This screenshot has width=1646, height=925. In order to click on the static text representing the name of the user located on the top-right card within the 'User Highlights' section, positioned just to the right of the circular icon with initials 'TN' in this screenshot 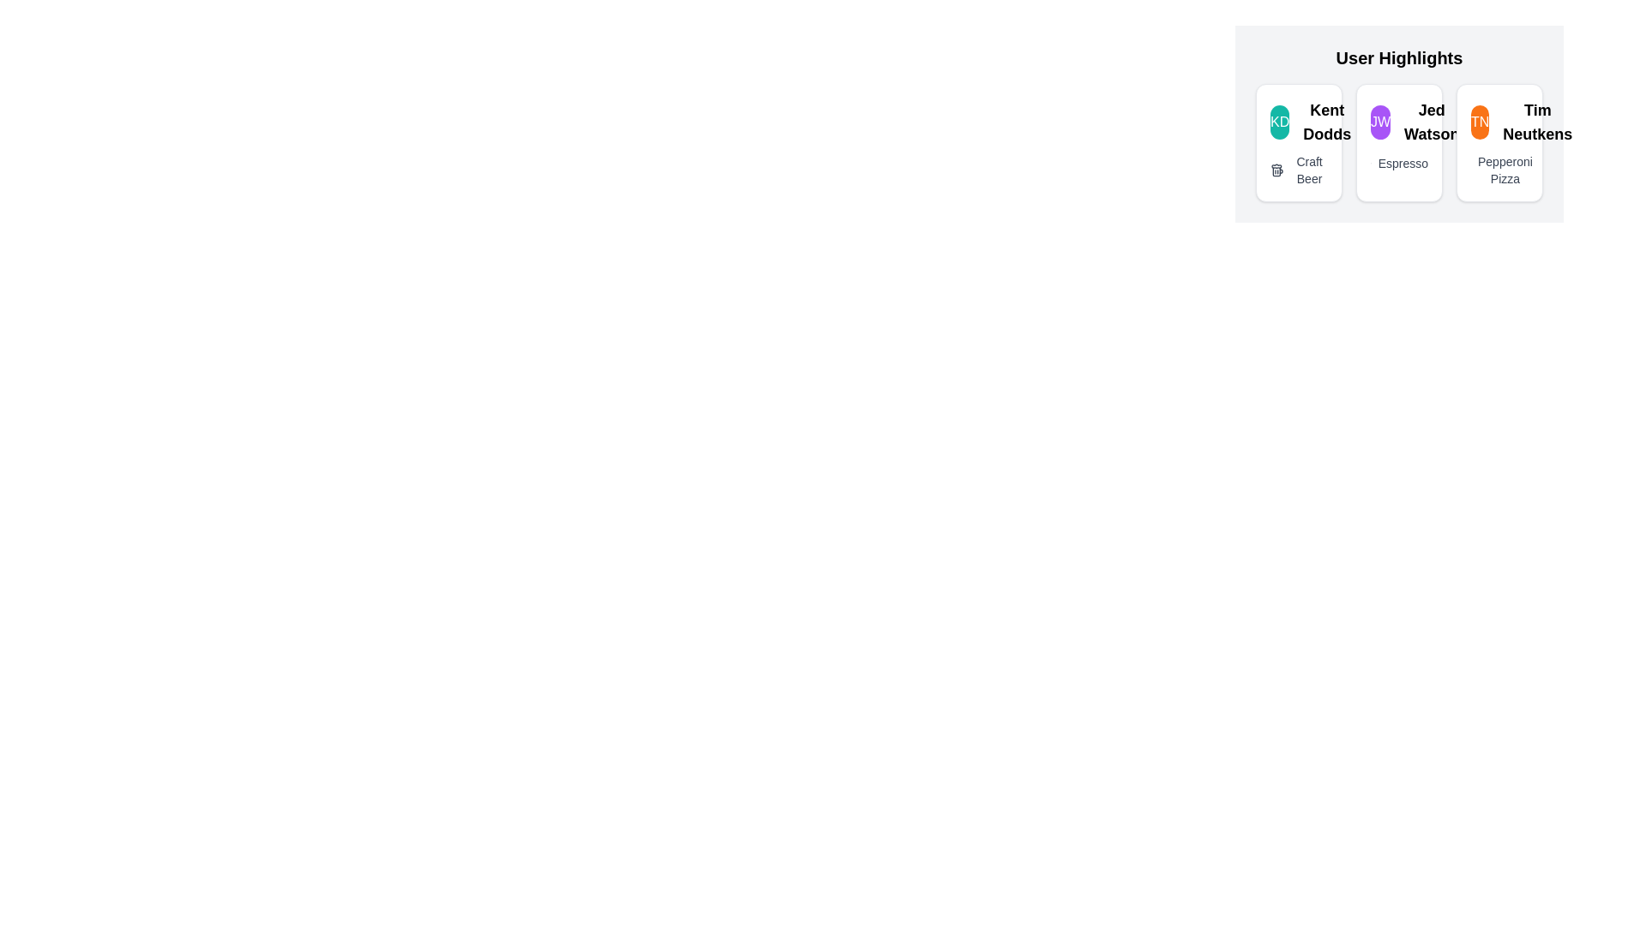, I will do `click(1537, 121)`.